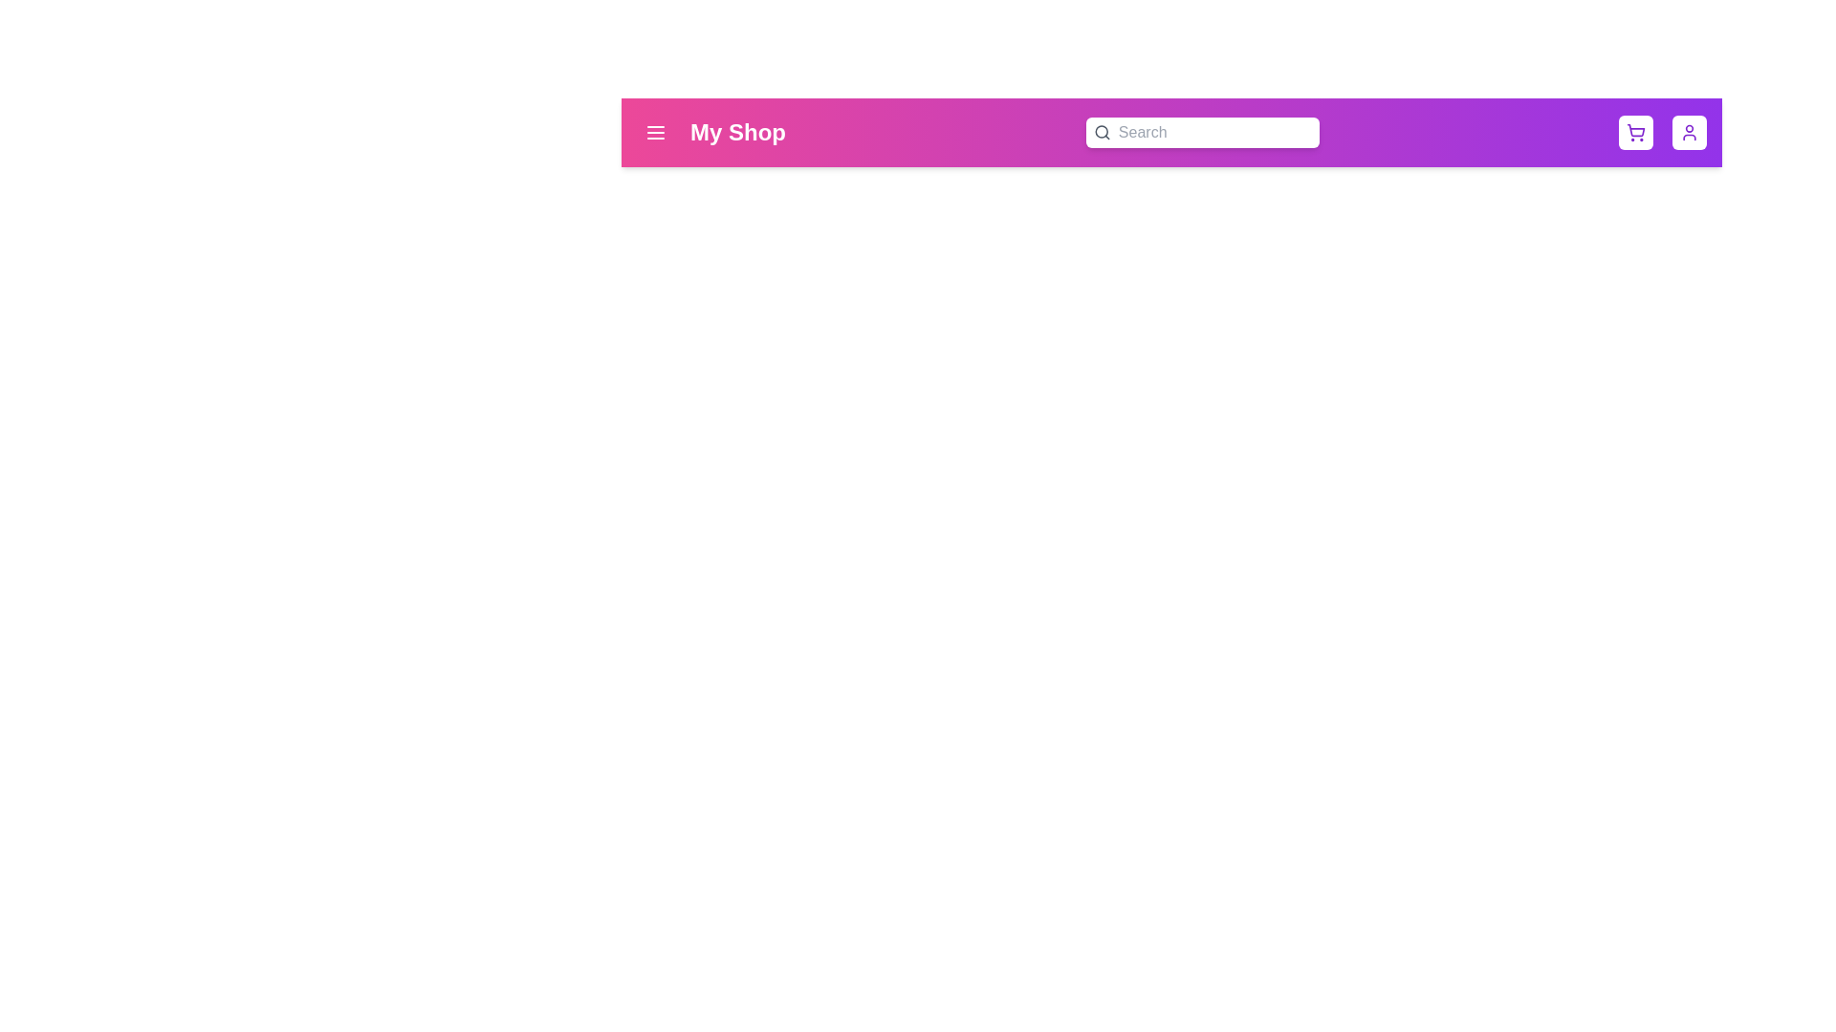  I want to click on the menu button to open the navigation menu, so click(656, 131).